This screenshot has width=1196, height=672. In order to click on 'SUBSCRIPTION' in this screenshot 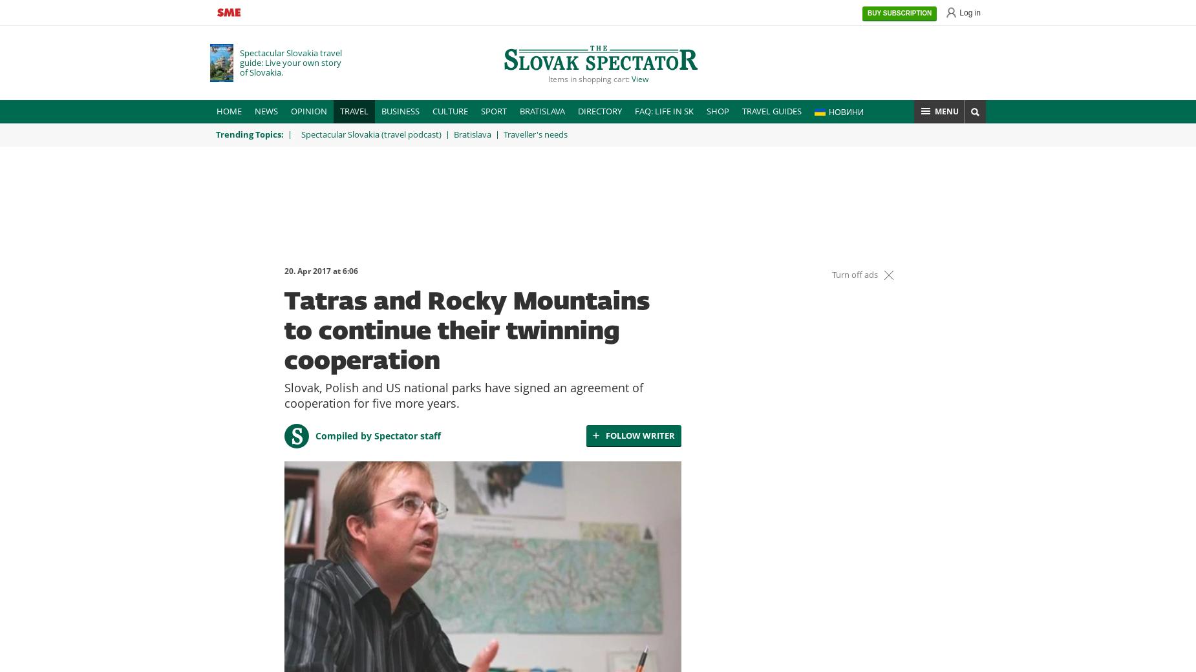, I will do `click(907, 12)`.